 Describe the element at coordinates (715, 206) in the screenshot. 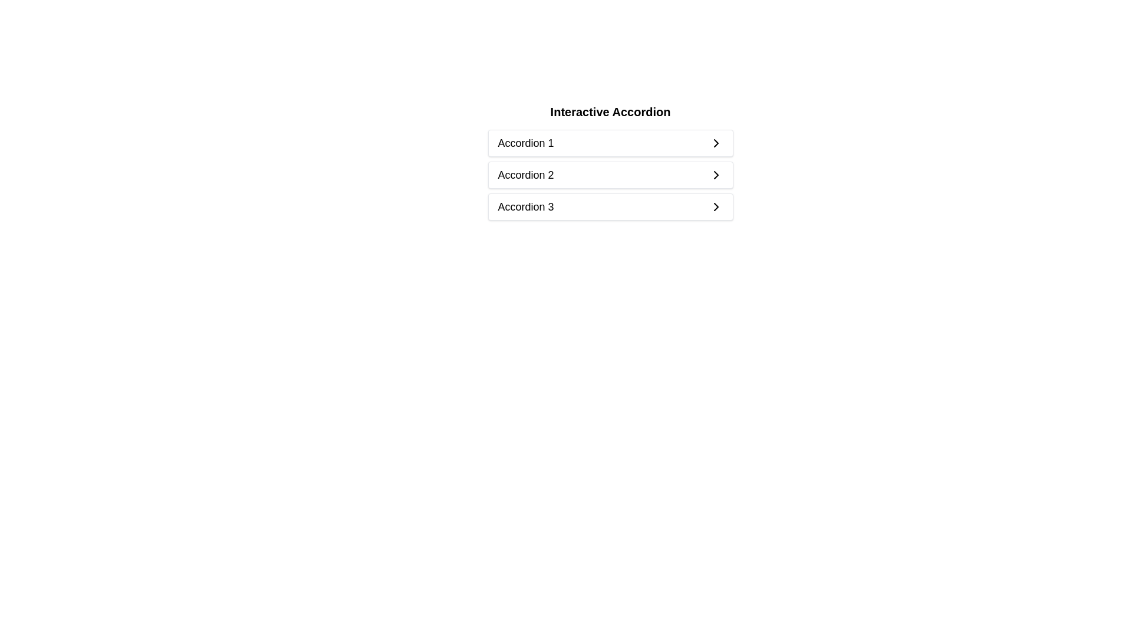

I see `the small right-pointing chevron icon button located at the far right of the 'Accordion 3' text` at that location.